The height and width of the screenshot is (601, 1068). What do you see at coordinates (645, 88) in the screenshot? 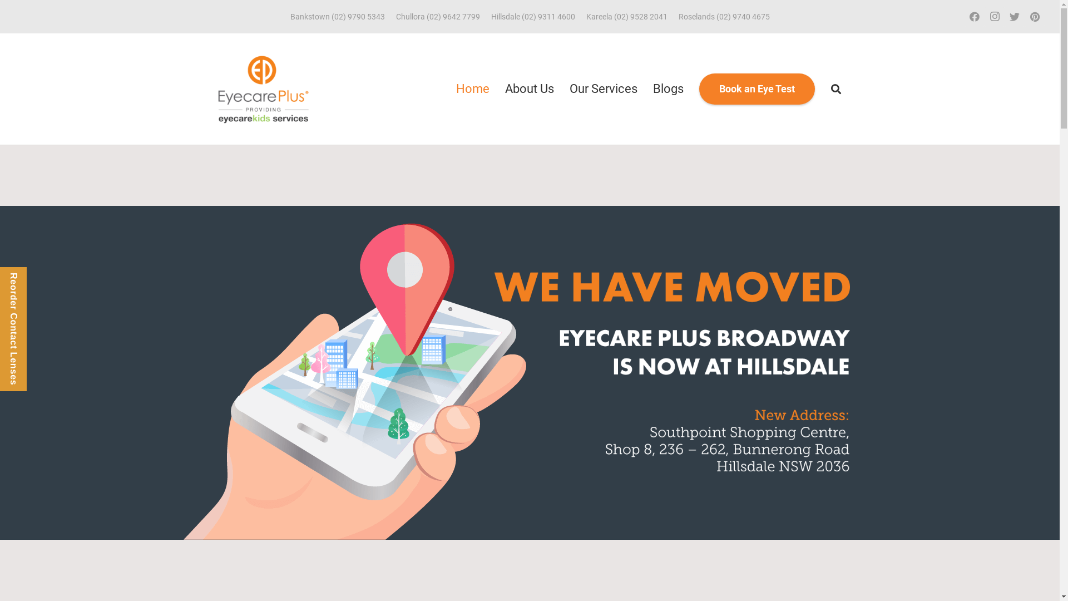
I see `'Blogs'` at bounding box center [645, 88].